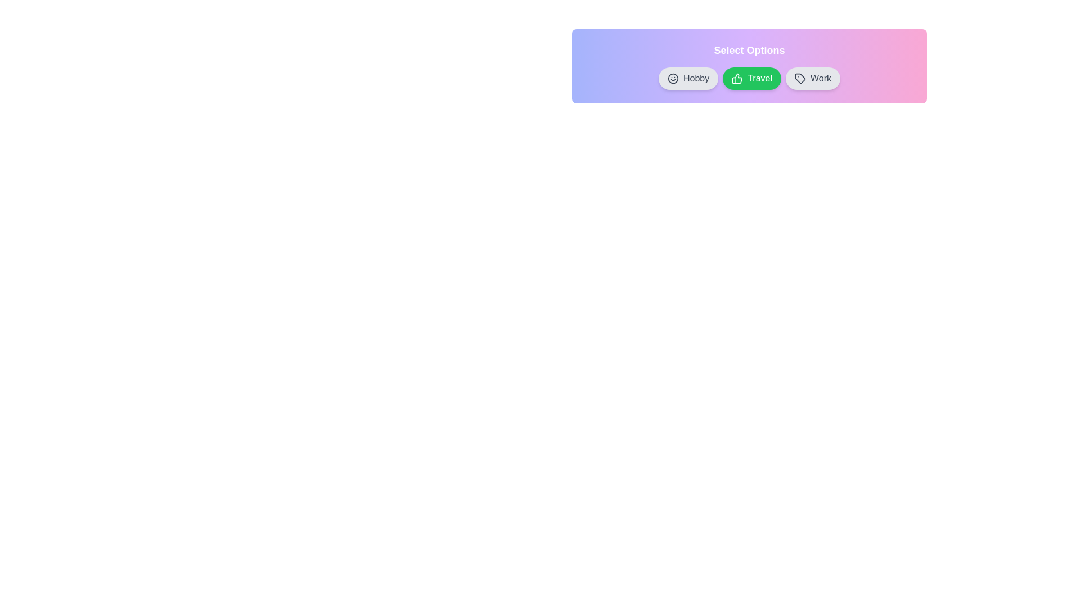  Describe the element at coordinates (673, 78) in the screenshot. I see `the chip by clicking its icon. The chip can be specified by its label: Hobby` at that location.